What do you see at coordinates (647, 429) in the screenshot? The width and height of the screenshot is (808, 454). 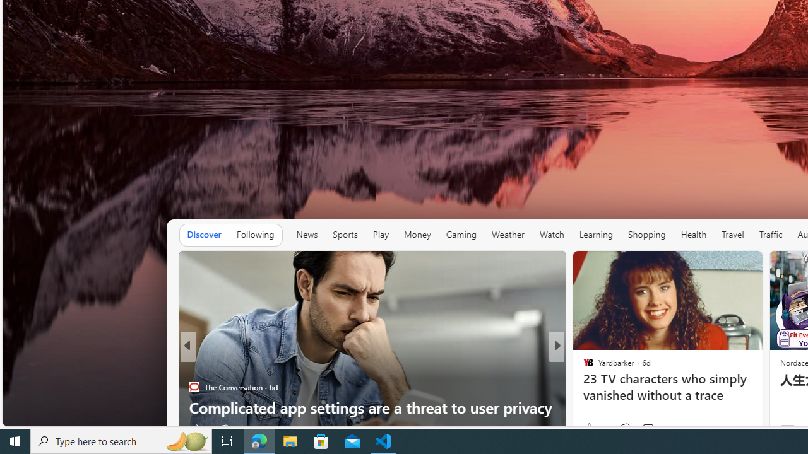 I see `'View comments 255 Comment'` at bounding box center [647, 429].